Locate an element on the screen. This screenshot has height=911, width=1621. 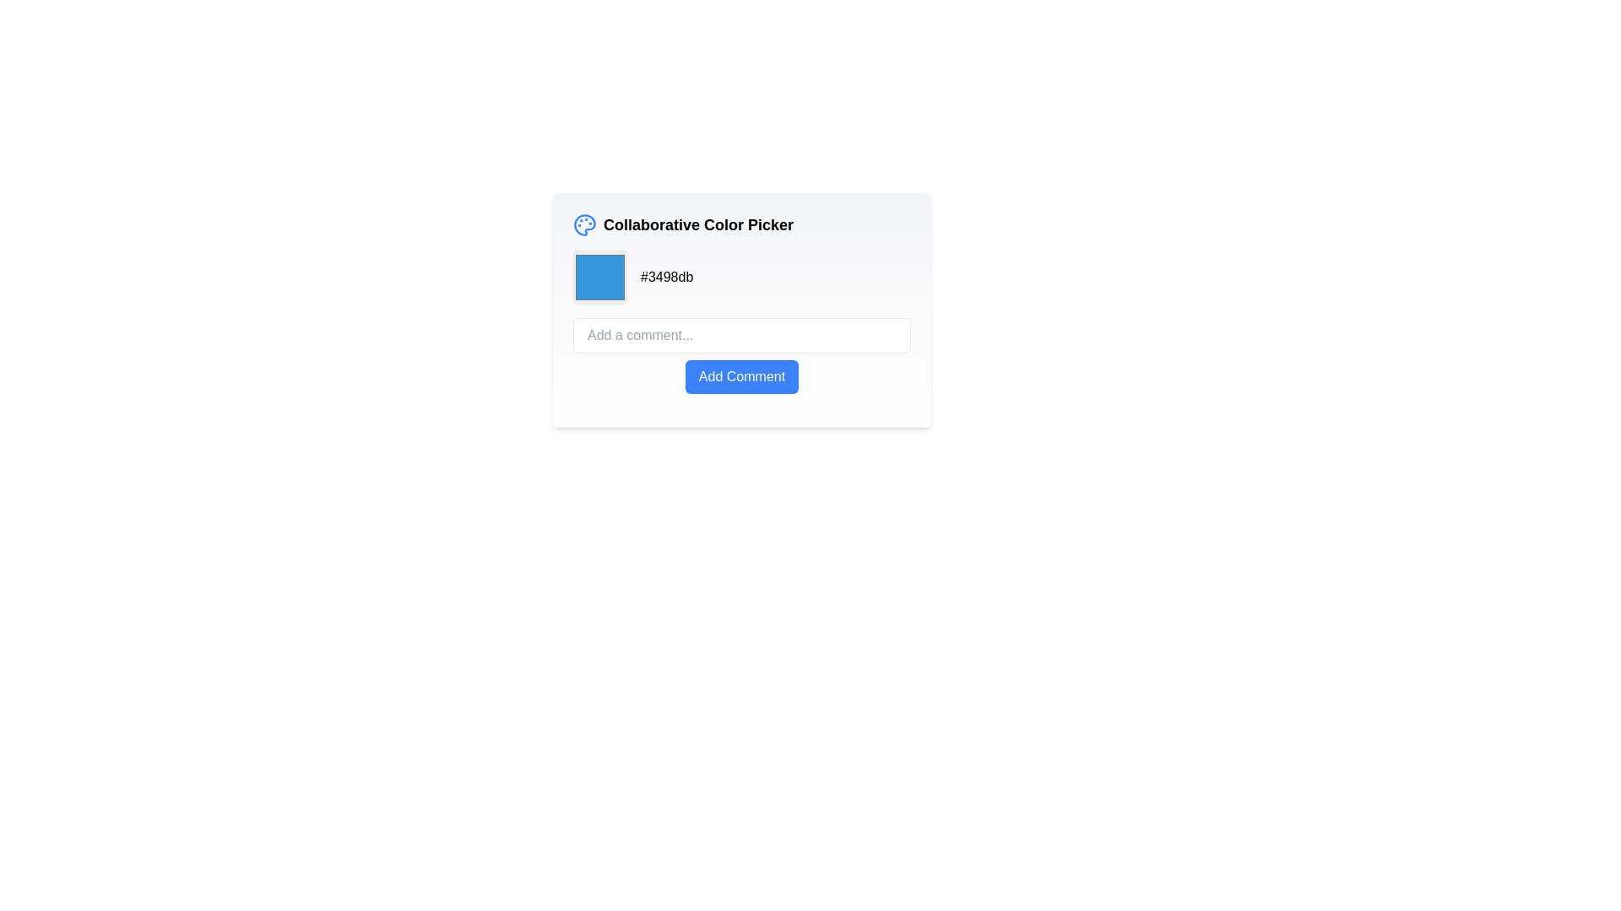
displayed text 'Collaborative Color Picker' from the prominent title text label, which is bold and large, positioned to the right of a palette icon is located at coordinates (698, 224).